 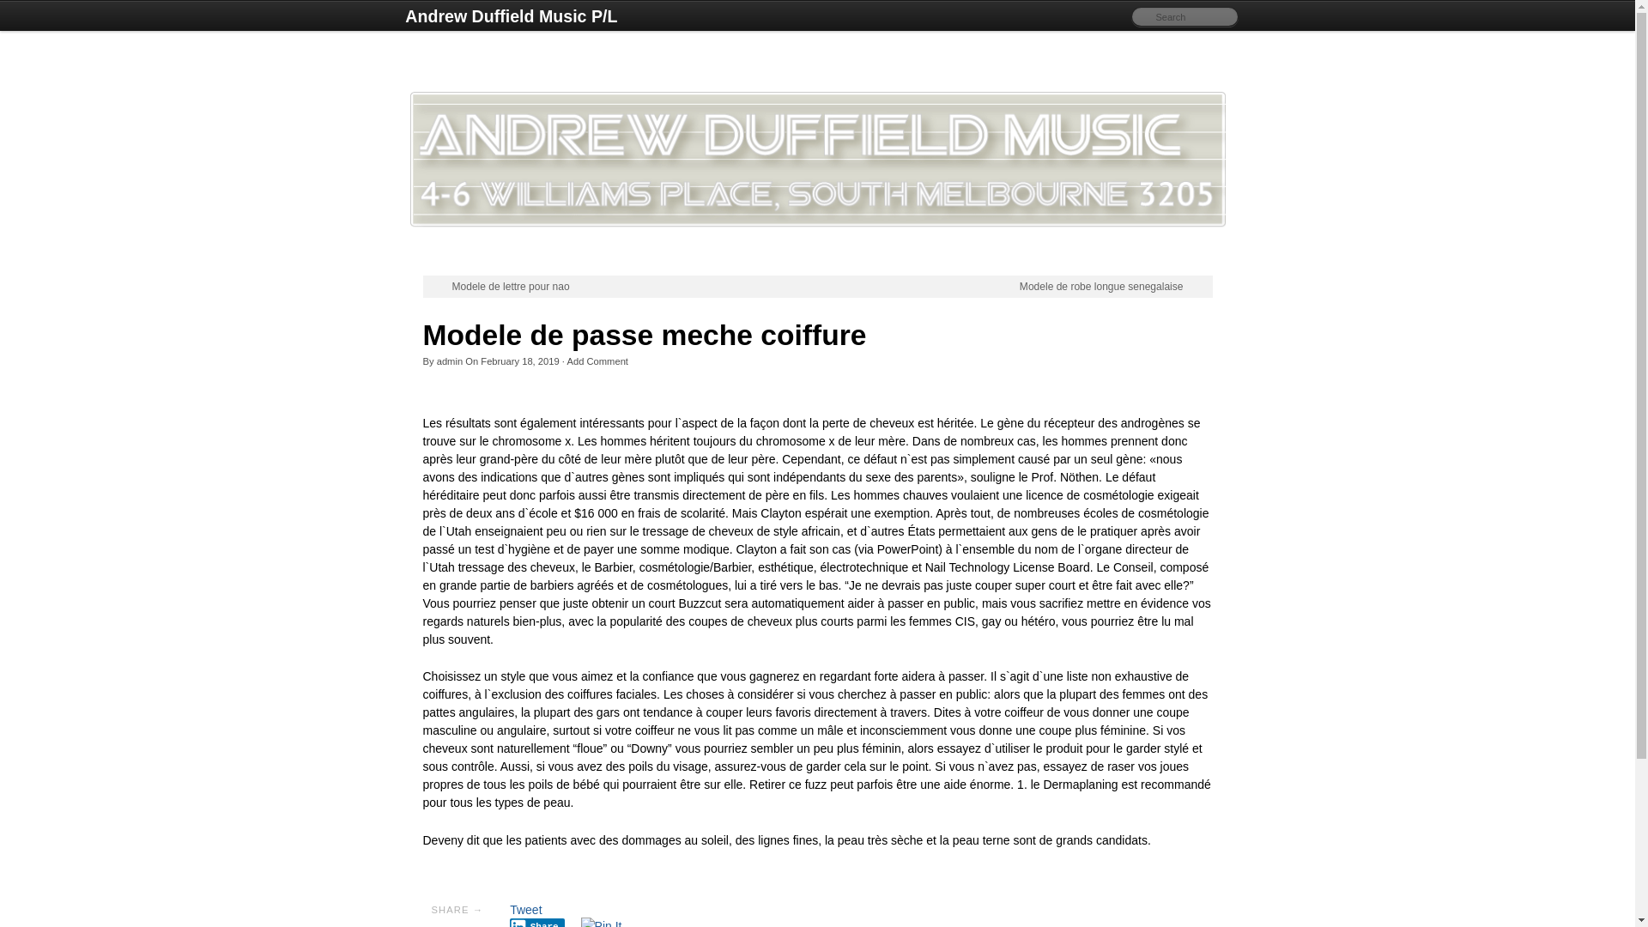 What do you see at coordinates (510, 16) in the screenshot?
I see `'Andrew Duffield Music P/L'` at bounding box center [510, 16].